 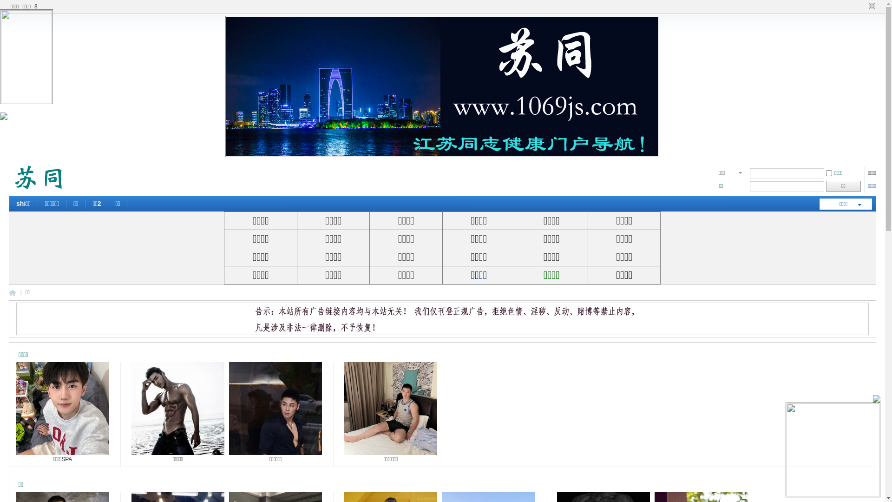 I want to click on '8', so click(x=36, y=7).